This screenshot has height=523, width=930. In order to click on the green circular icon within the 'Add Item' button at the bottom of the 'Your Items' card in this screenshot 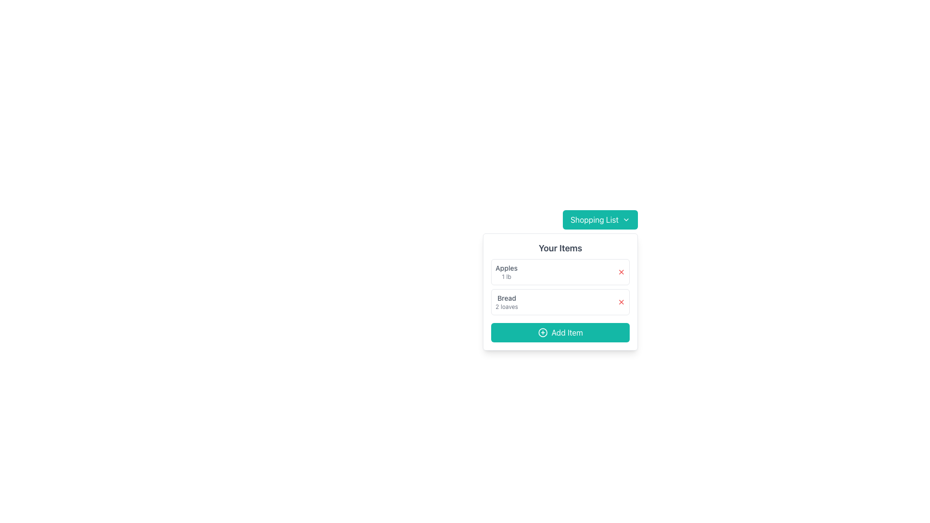, I will do `click(542, 332)`.